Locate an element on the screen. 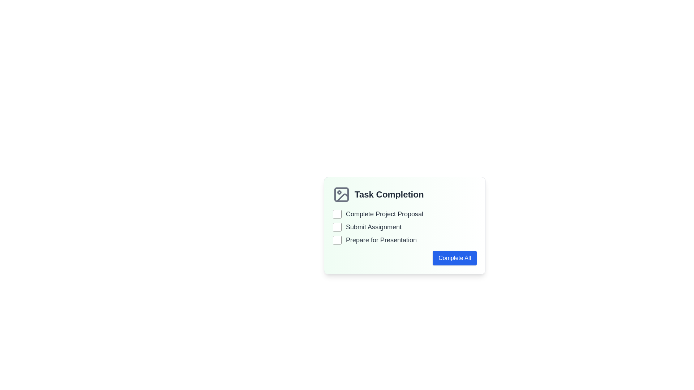 The image size is (694, 390). the checkbox associated with the 'Submit Assignment' task is located at coordinates (337, 226).